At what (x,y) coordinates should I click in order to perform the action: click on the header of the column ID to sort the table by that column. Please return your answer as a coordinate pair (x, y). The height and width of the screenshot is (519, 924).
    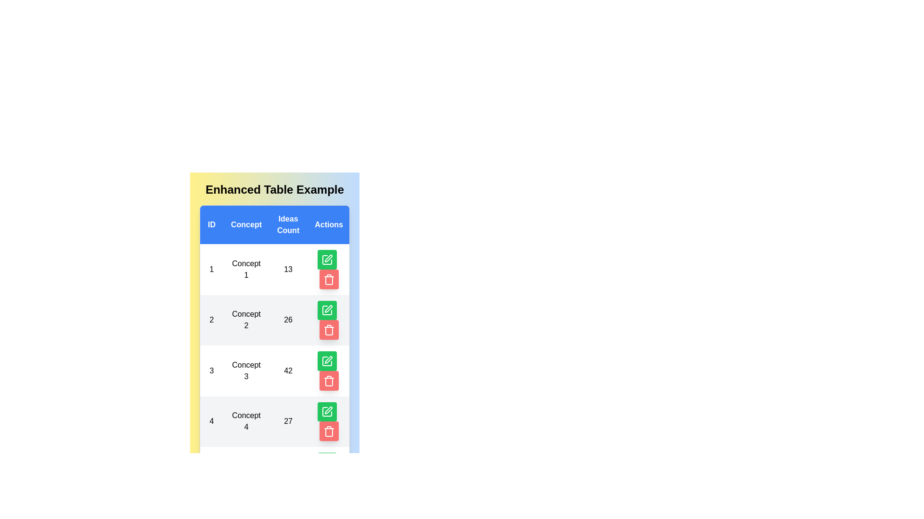
    Looking at the image, I should click on (211, 224).